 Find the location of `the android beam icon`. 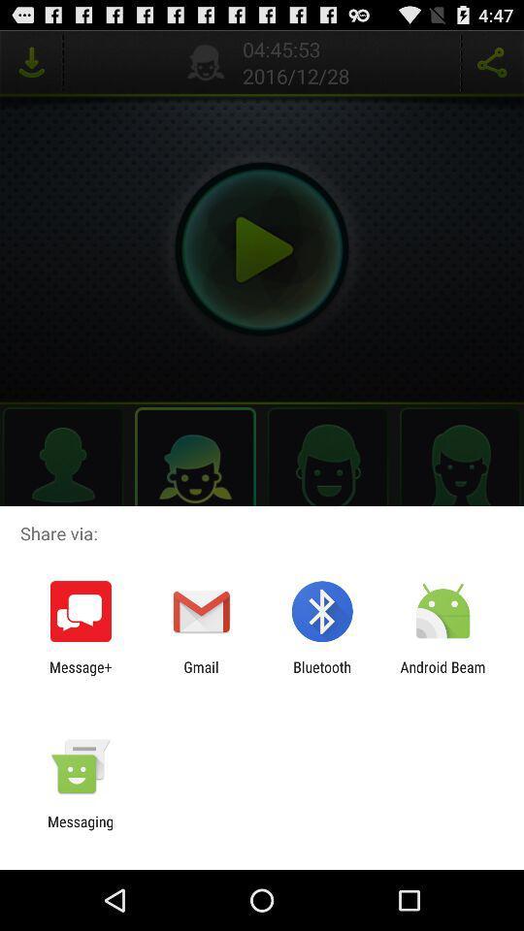

the android beam icon is located at coordinates (442, 675).